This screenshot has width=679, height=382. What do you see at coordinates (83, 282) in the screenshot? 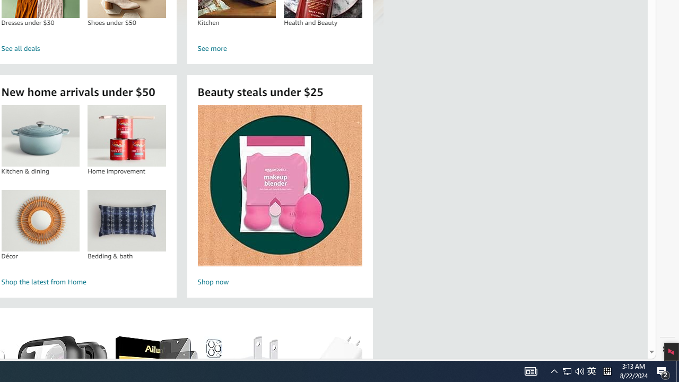
I see `'Shop the latest from Home'` at bounding box center [83, 282].